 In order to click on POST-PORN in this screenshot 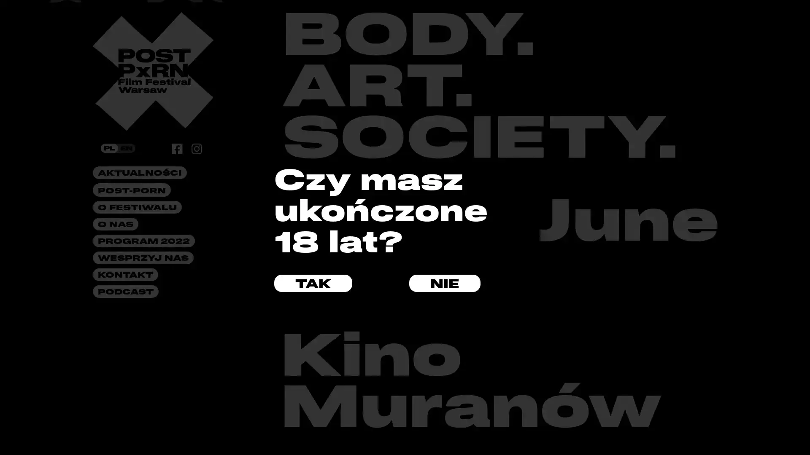, I will do `click(131, 190)`.